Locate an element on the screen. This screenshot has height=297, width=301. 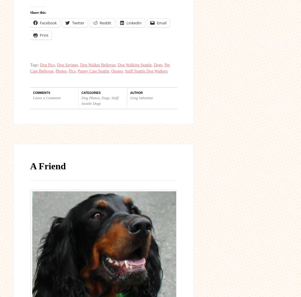
'Twitter' is located at coordinates (78, 22).